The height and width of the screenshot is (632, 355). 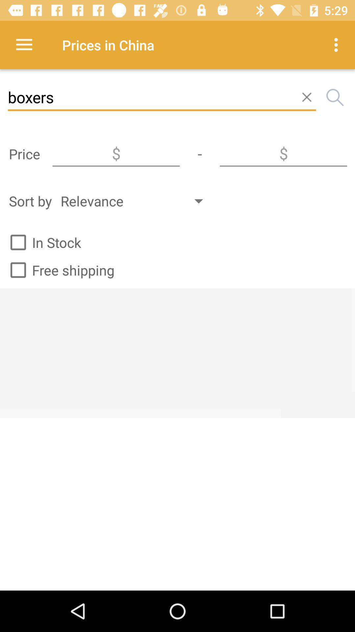 I want to click on the search icon, so click(x=335, y=97).